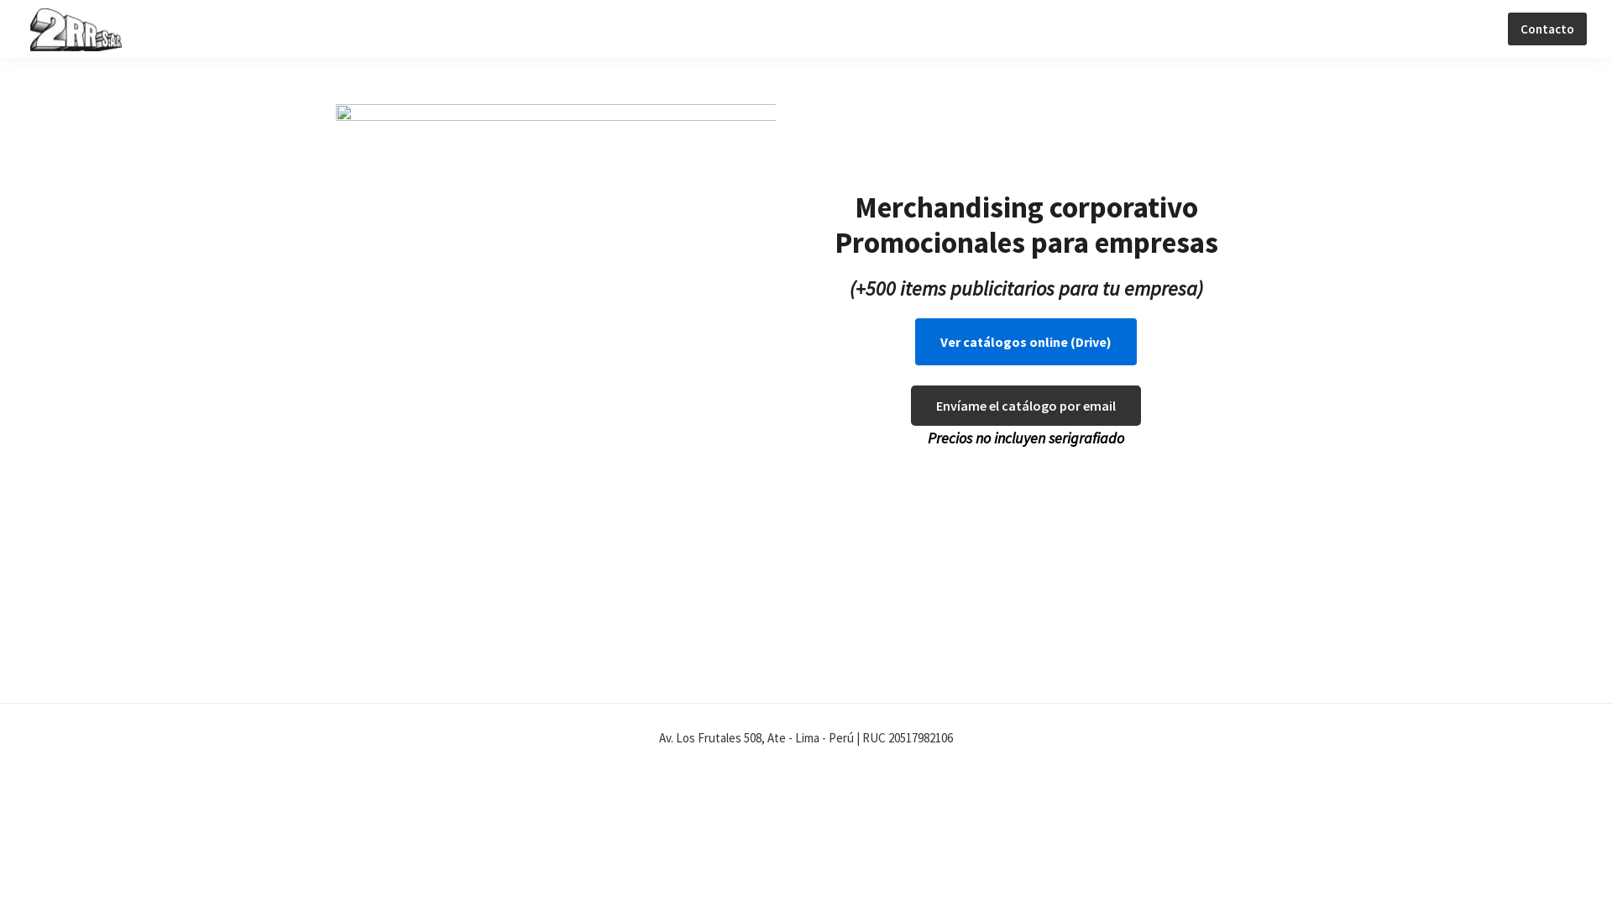  What do you see at coordinates (1547, 29) in the screenshot?
I see `'Contacto'` at bounding box center [1547, 29].